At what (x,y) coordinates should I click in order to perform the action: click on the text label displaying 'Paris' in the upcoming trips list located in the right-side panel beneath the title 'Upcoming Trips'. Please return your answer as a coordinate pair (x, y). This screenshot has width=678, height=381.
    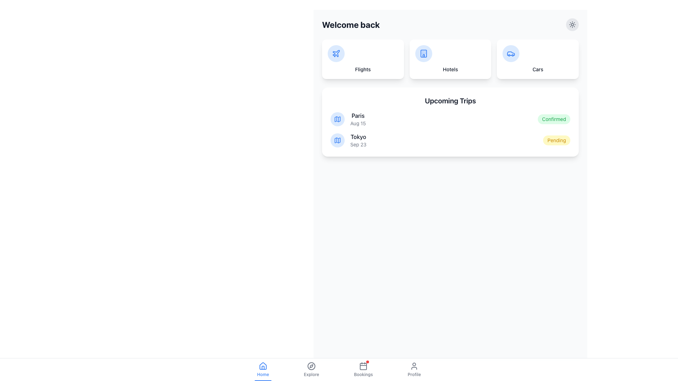
    Looking at the image, I should click on (358, 115).